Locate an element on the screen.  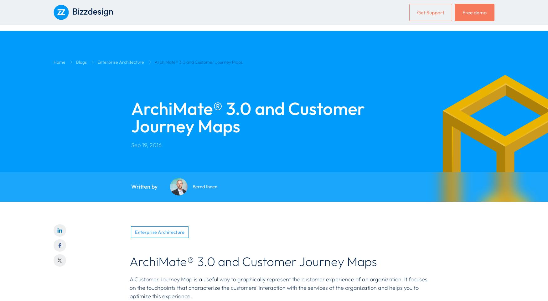
'Solutions' is located at coordinates (53, 37).